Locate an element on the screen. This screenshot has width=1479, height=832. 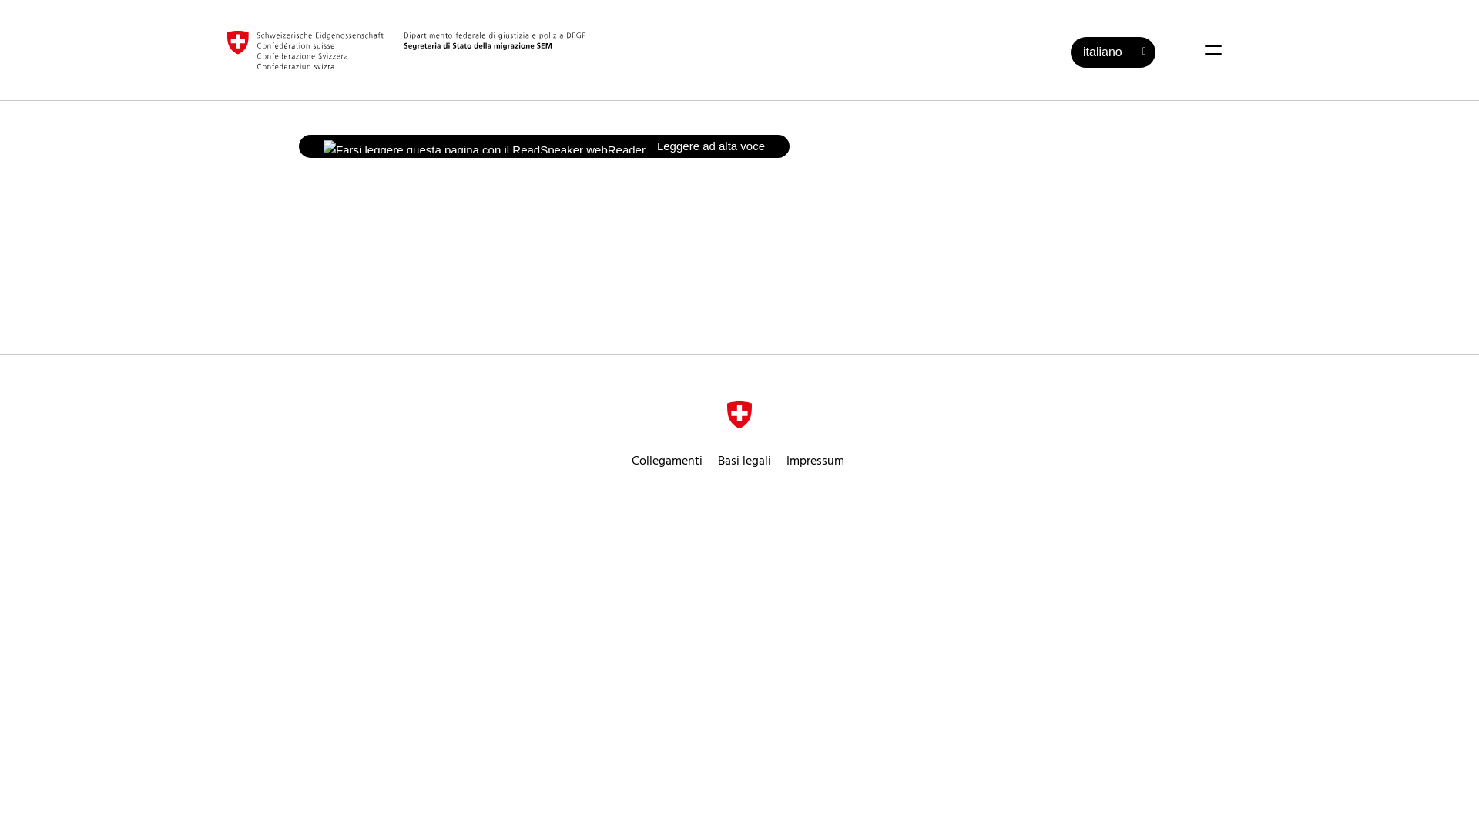
'Leggere ad alta voce' is located at coordinates (544, 146).